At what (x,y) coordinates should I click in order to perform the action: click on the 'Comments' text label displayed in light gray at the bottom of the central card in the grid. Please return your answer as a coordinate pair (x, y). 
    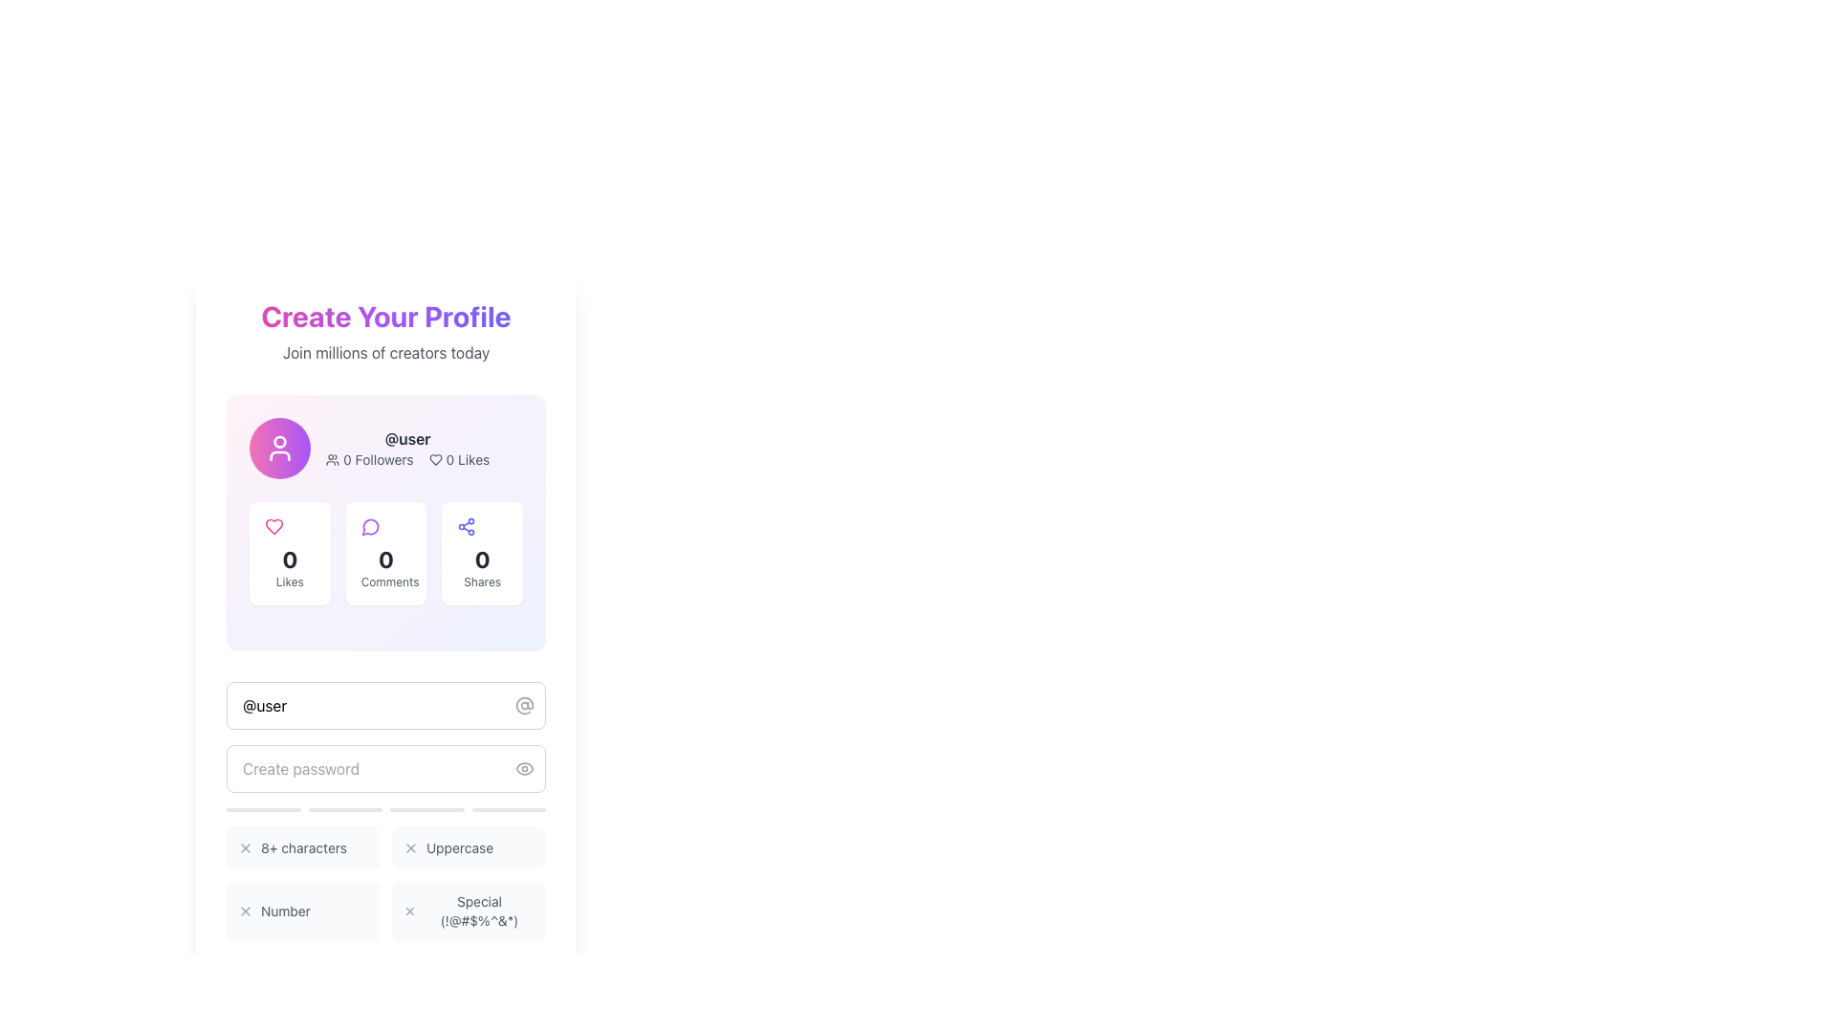
    Looking at the image, I should click on (384, 582).